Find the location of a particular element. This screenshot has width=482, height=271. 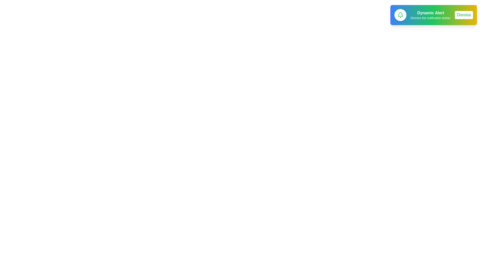

the 'Dismiss' button to dismiss the notification is located at coordinates (464, 15).